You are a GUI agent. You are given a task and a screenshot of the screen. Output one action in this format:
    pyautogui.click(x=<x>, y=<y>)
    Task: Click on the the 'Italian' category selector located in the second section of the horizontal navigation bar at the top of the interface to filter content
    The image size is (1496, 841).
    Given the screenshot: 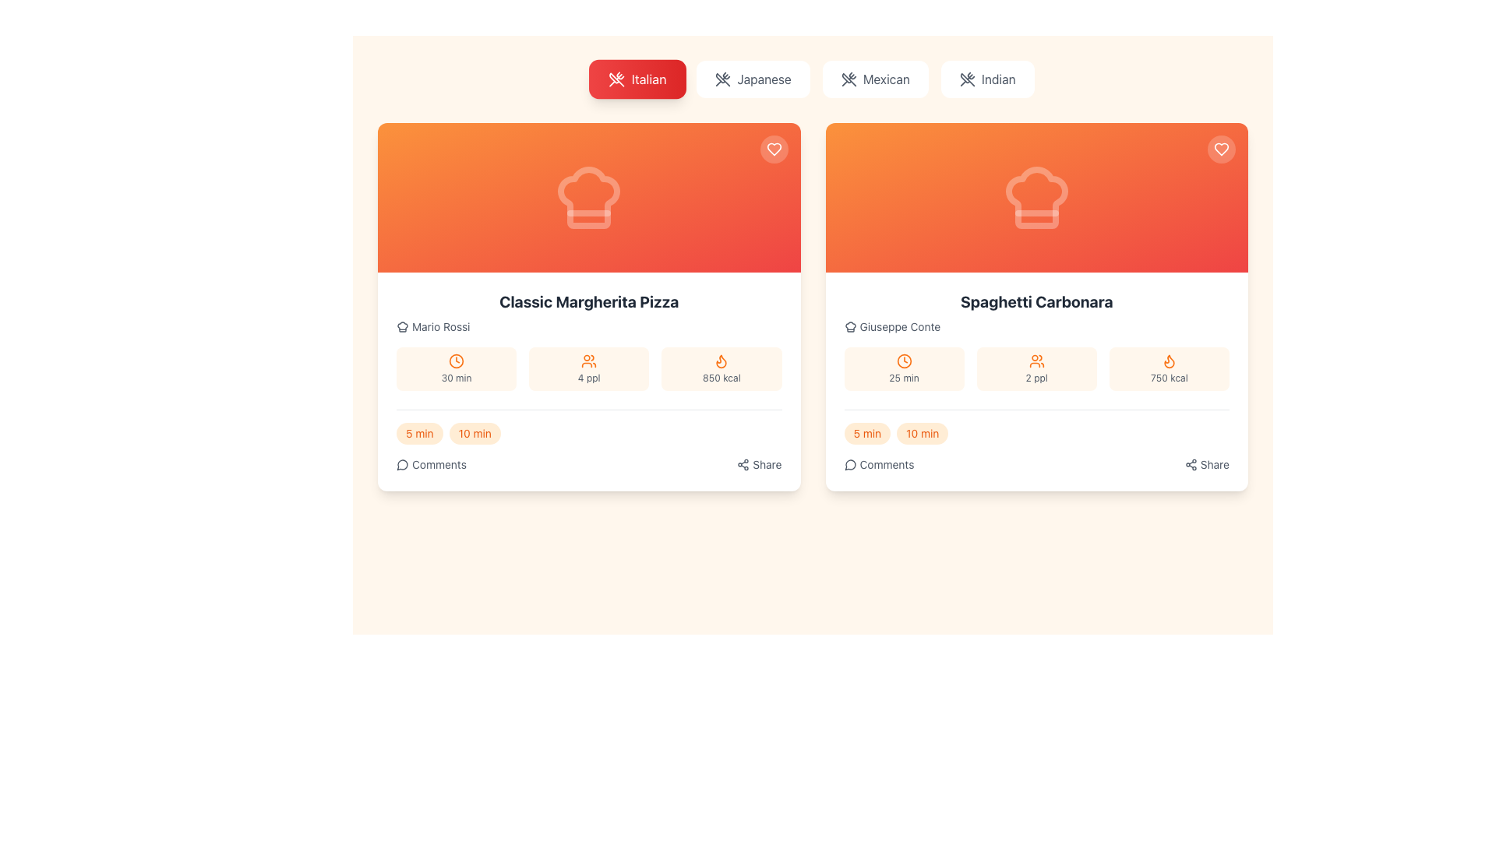 What is the action you would take?
    pyautogui.click(x=649, y=79)
    